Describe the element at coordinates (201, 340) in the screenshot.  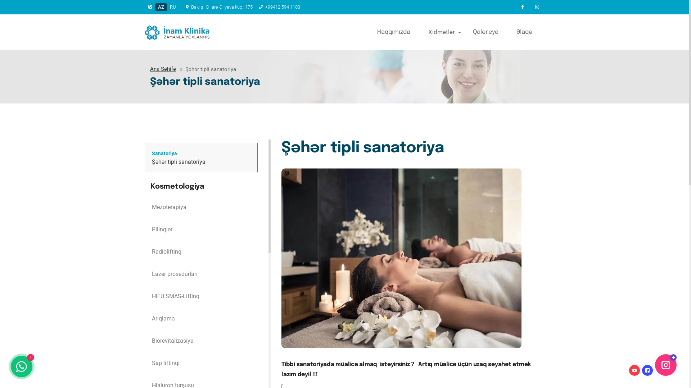
I see `'Biorevitalizasiya'` at that location.